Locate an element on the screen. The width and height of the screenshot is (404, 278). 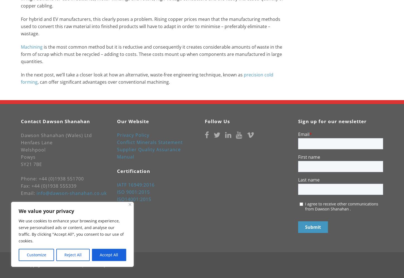
'We value your privacy' is located at coordinates (46, 211).